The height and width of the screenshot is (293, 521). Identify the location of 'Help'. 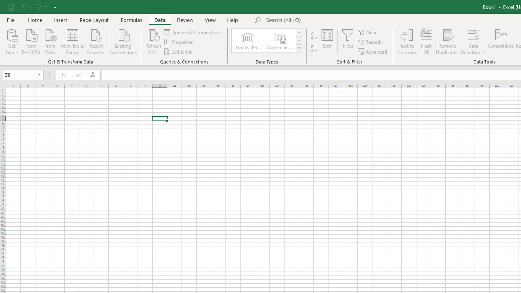
(232, 20).